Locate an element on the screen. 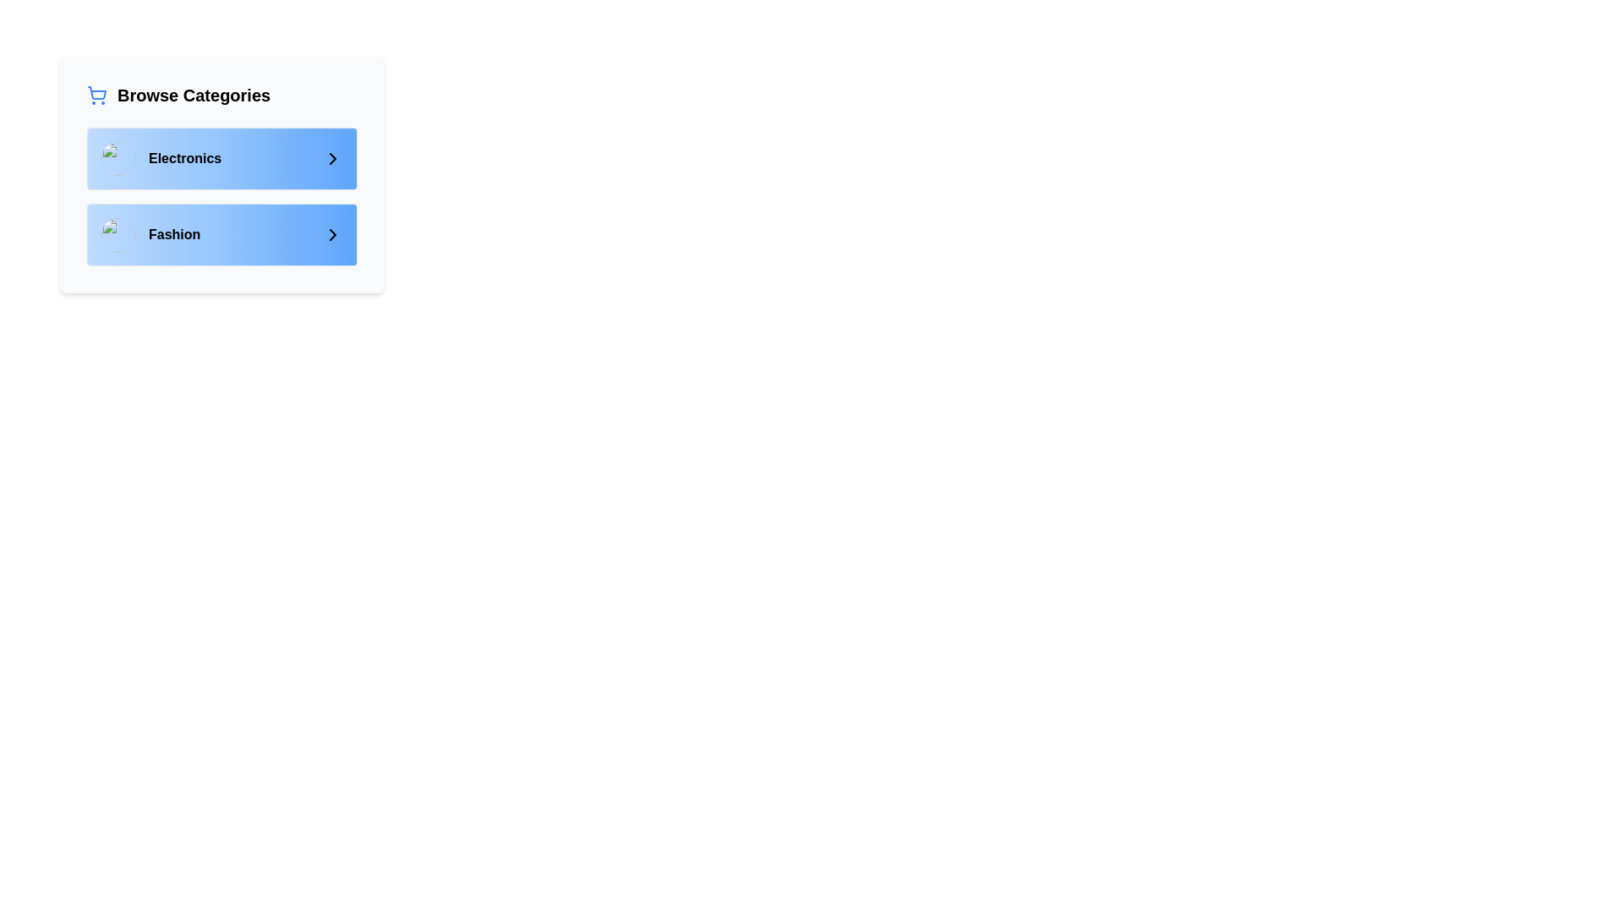 Image resolution: width=1623 pixels, height=913 pixels. the Chevron icon for the 'Fashion' category, located at the far-right side of the row labeled 'Fashion' in the 'Browse Categories' section, to indicate focus is located at coordinates (332, 234).